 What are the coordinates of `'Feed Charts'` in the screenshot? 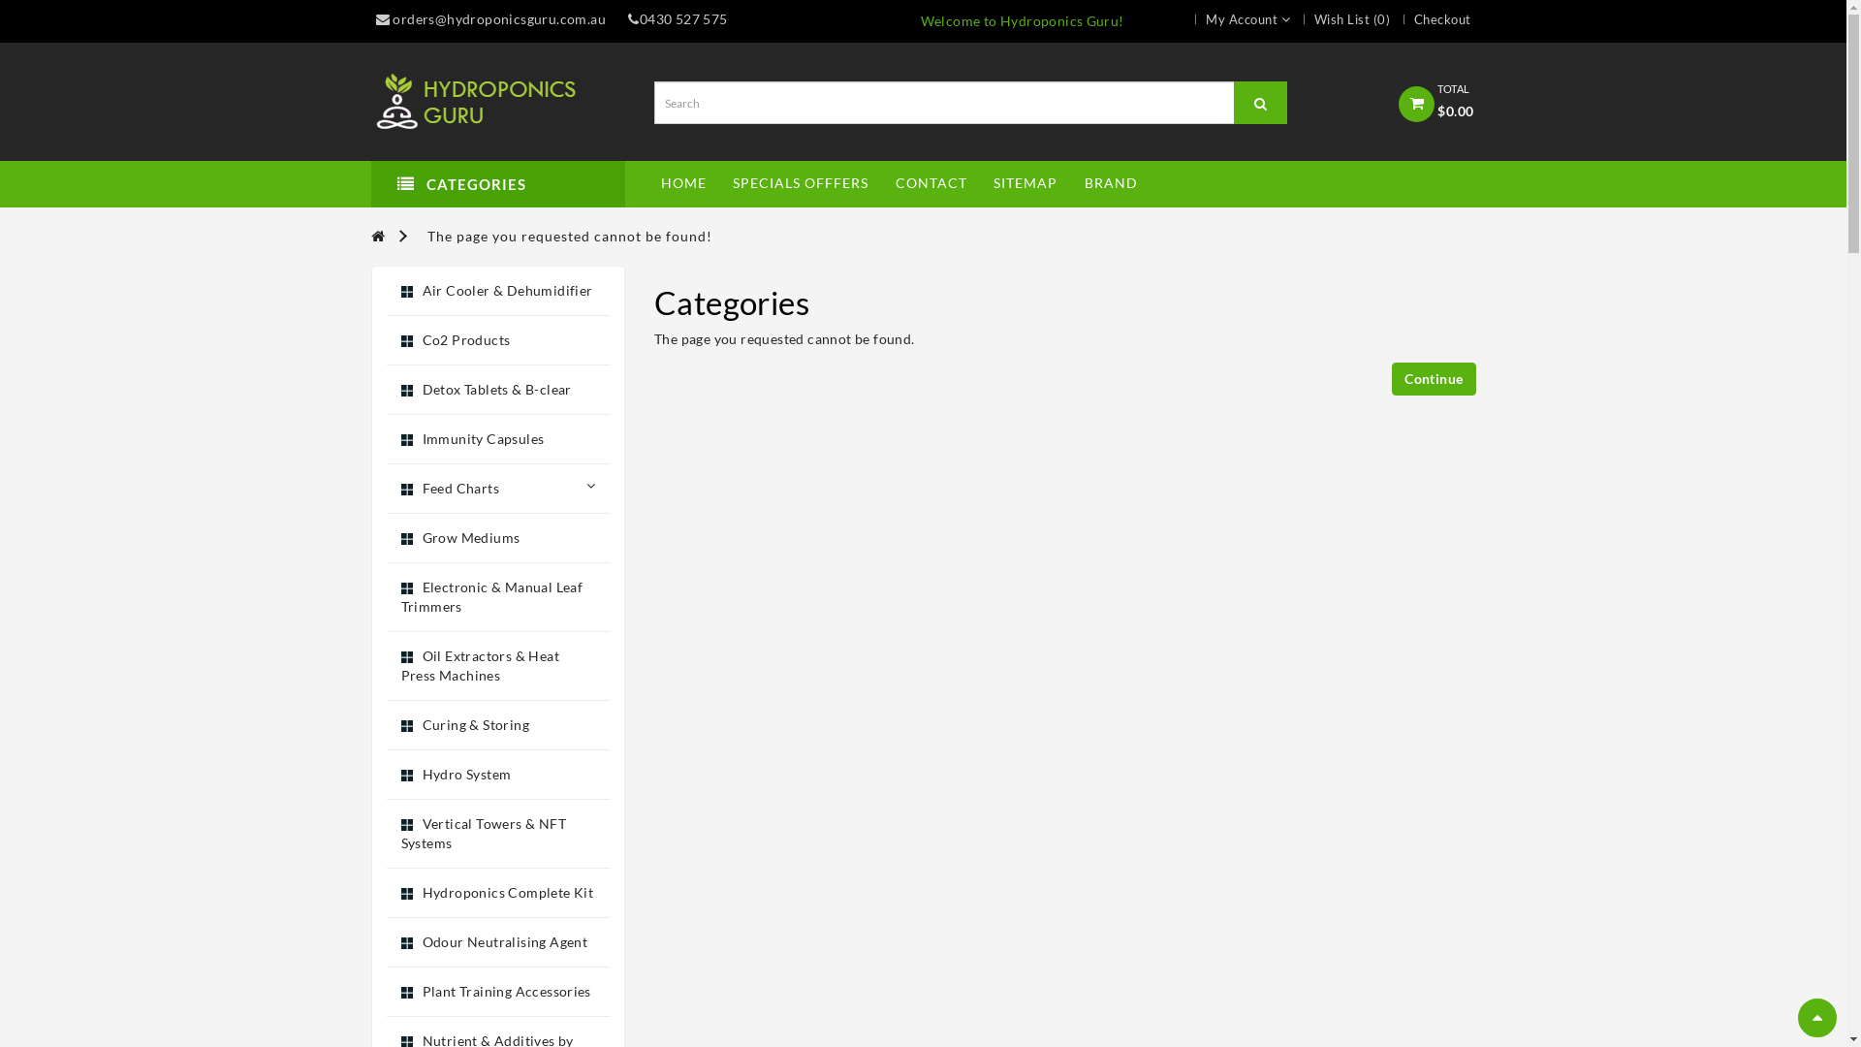 It's located at (497, 487).